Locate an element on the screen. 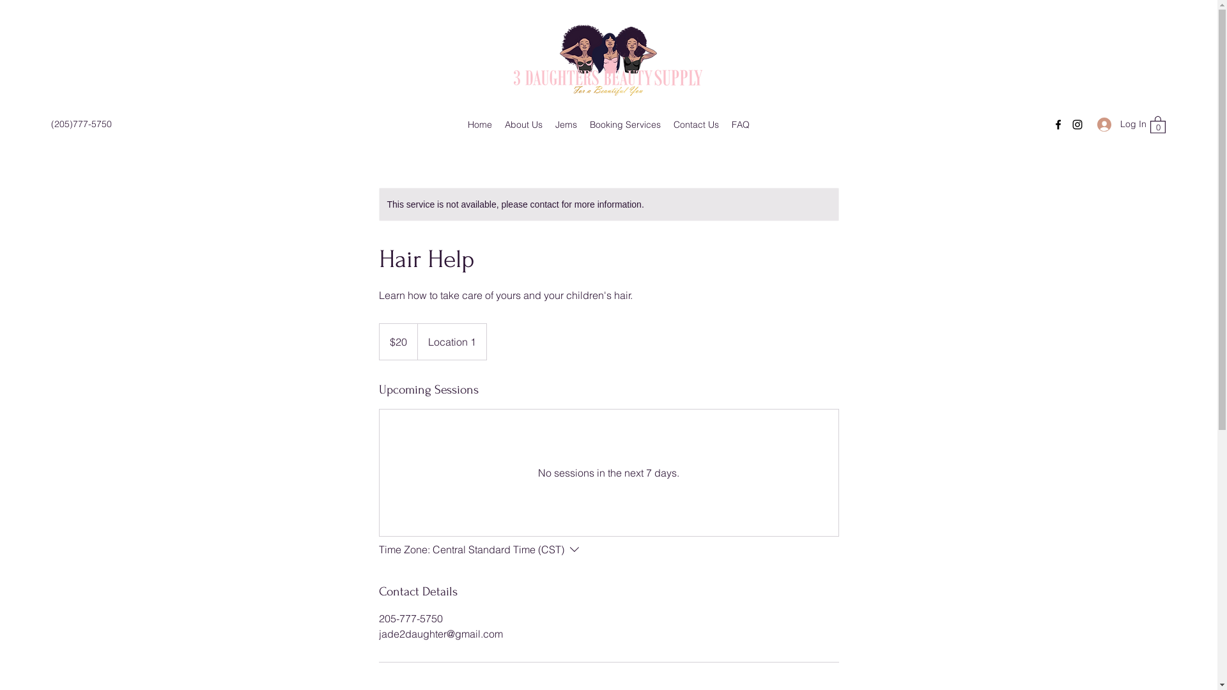  'Home' is located at coordinates (479, 125).